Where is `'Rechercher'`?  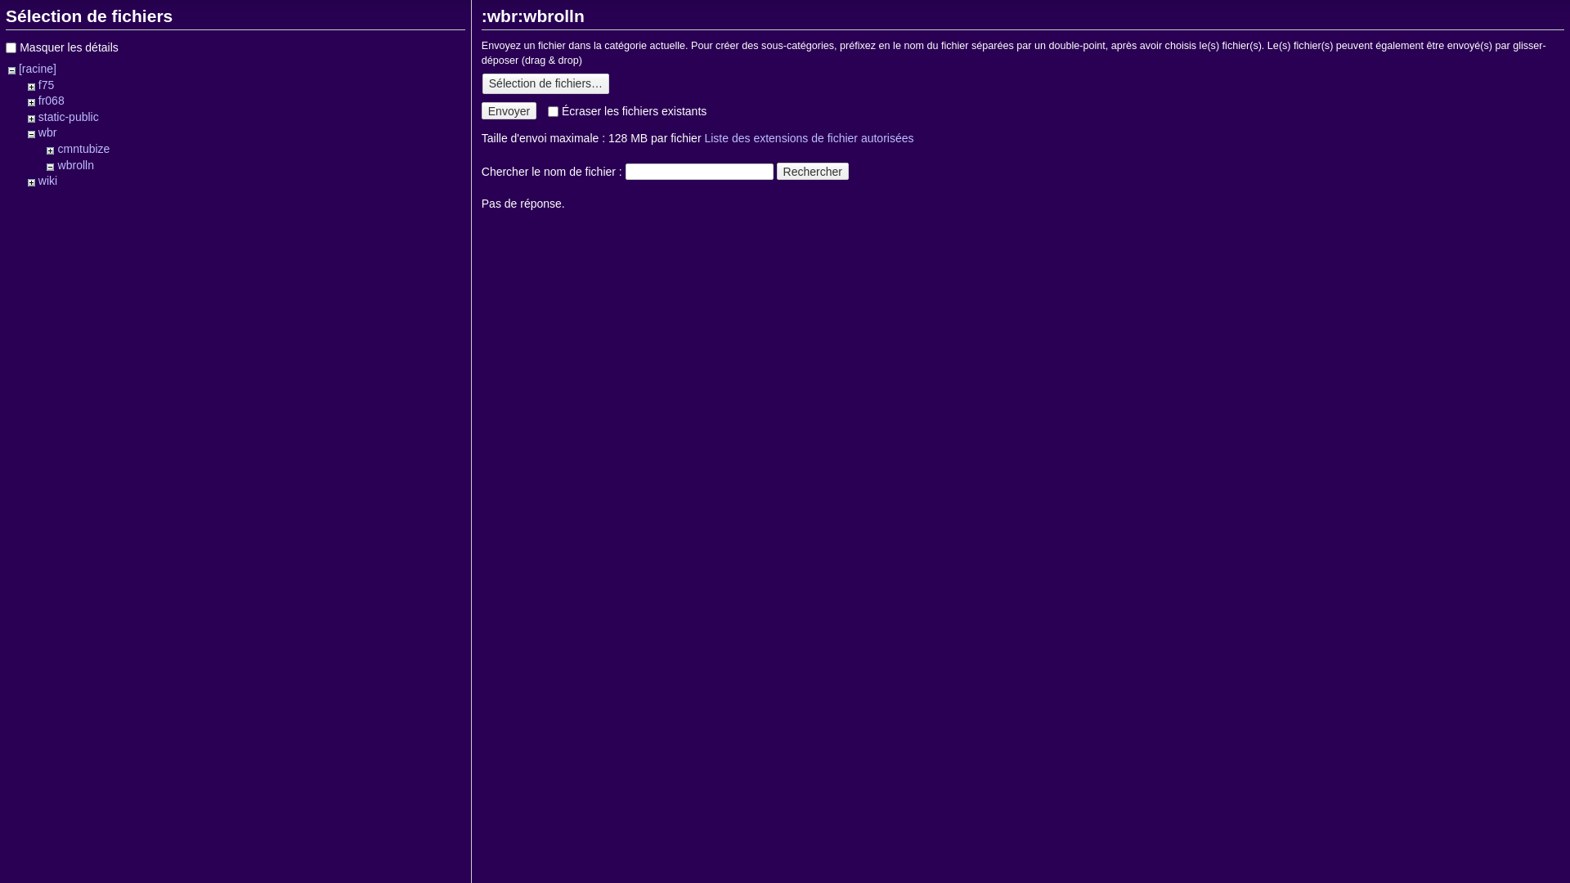 'Rechercher' is located at coordinates (812, 171).